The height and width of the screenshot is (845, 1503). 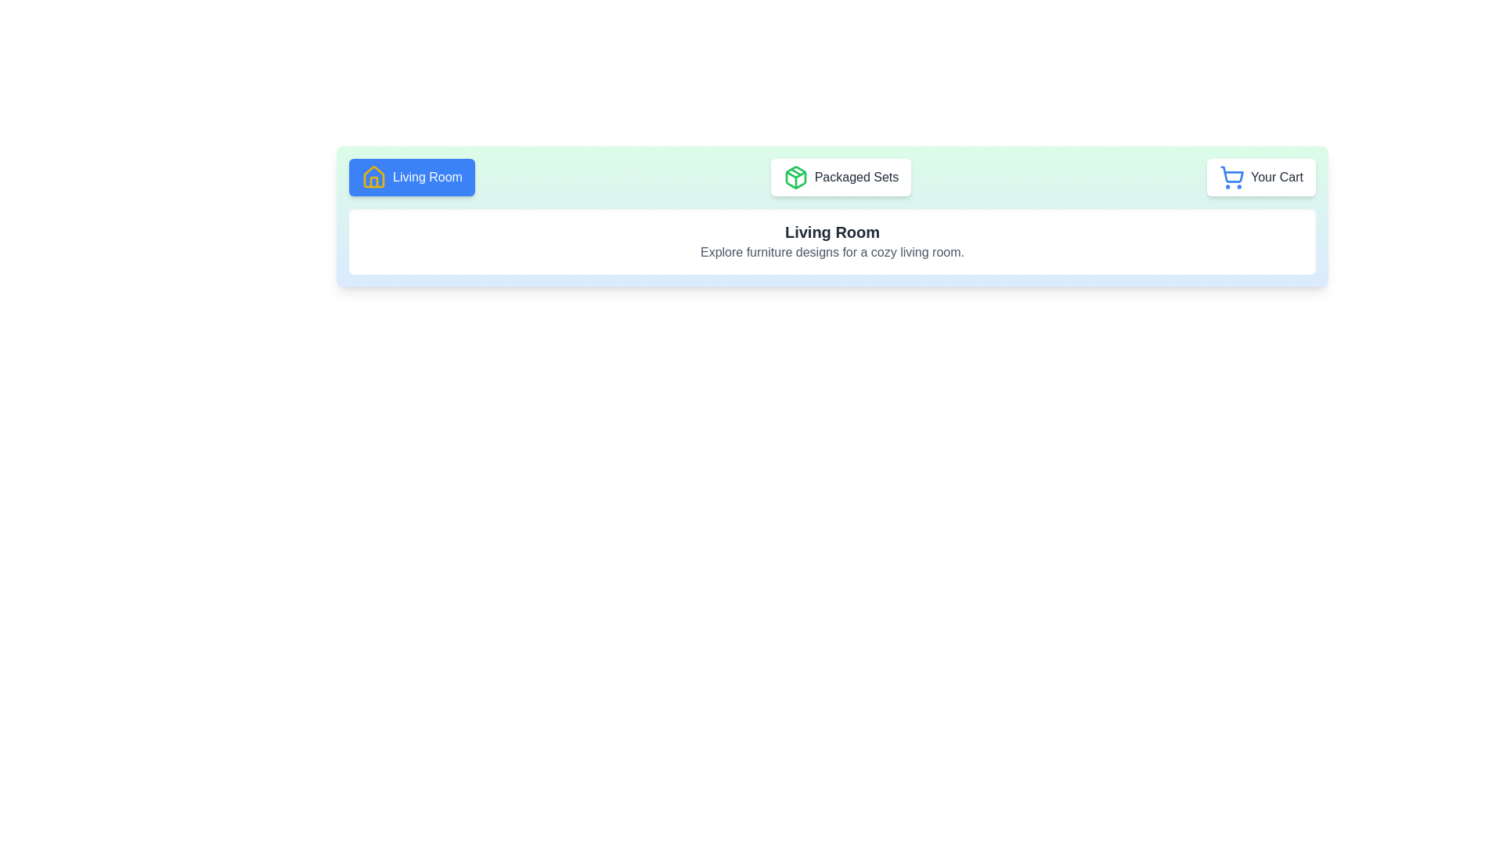 What do you see at coordinates (412, 177) in the screenshot?
I see `the button labeled Living Room` at bounding box center [412, 177].